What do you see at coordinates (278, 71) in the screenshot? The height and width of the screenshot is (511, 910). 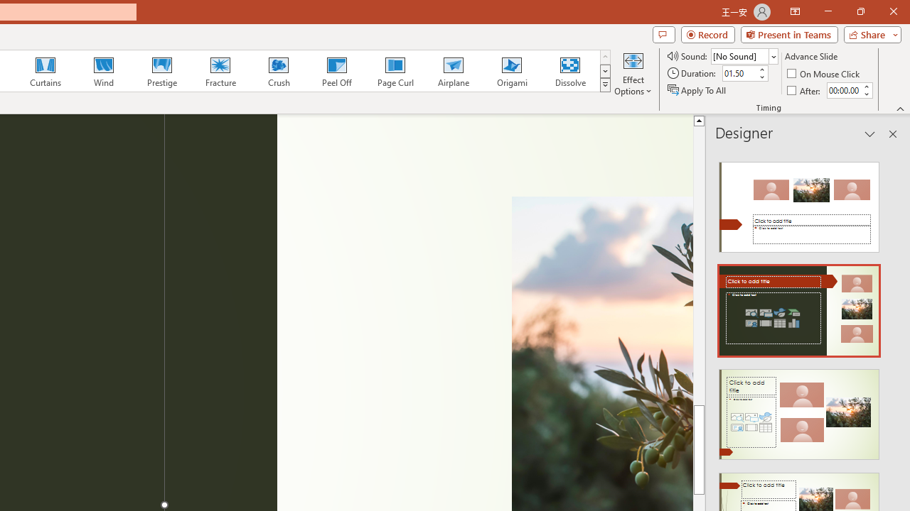 I see `'Crush'` at bounding box center [278, 71].